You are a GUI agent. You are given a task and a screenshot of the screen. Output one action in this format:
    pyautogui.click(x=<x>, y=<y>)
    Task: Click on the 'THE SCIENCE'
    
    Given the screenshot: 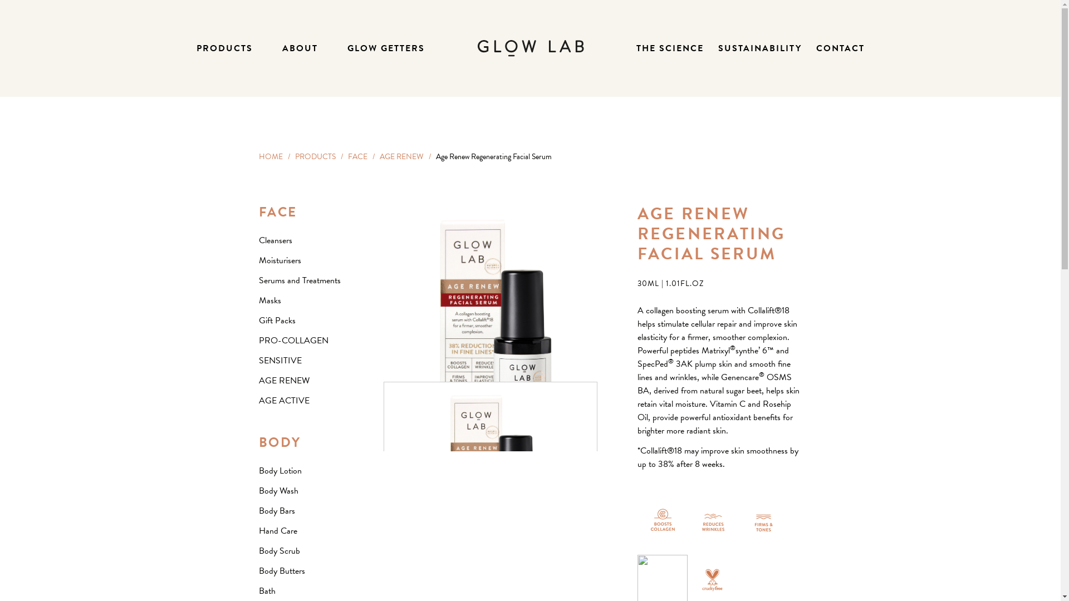 What is the action you would take?
    pyautogui.click(x=669, y=48)
    